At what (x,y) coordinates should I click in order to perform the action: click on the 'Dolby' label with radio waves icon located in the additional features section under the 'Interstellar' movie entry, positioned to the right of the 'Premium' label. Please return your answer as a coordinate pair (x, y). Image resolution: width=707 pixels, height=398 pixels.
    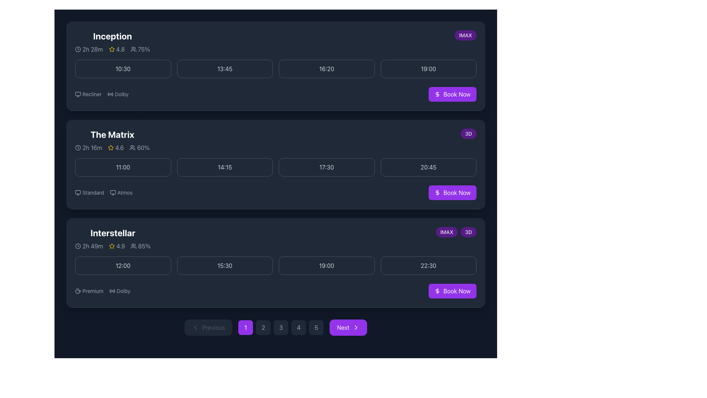
    Looking at the image, I should click on (120, 291).